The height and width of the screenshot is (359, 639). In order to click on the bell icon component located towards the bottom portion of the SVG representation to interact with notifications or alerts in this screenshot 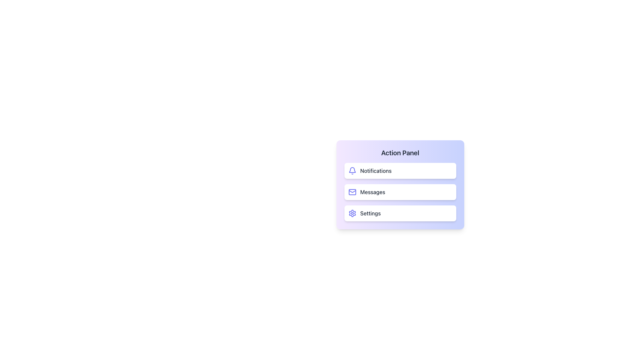, I will do `click(351, 169)`.